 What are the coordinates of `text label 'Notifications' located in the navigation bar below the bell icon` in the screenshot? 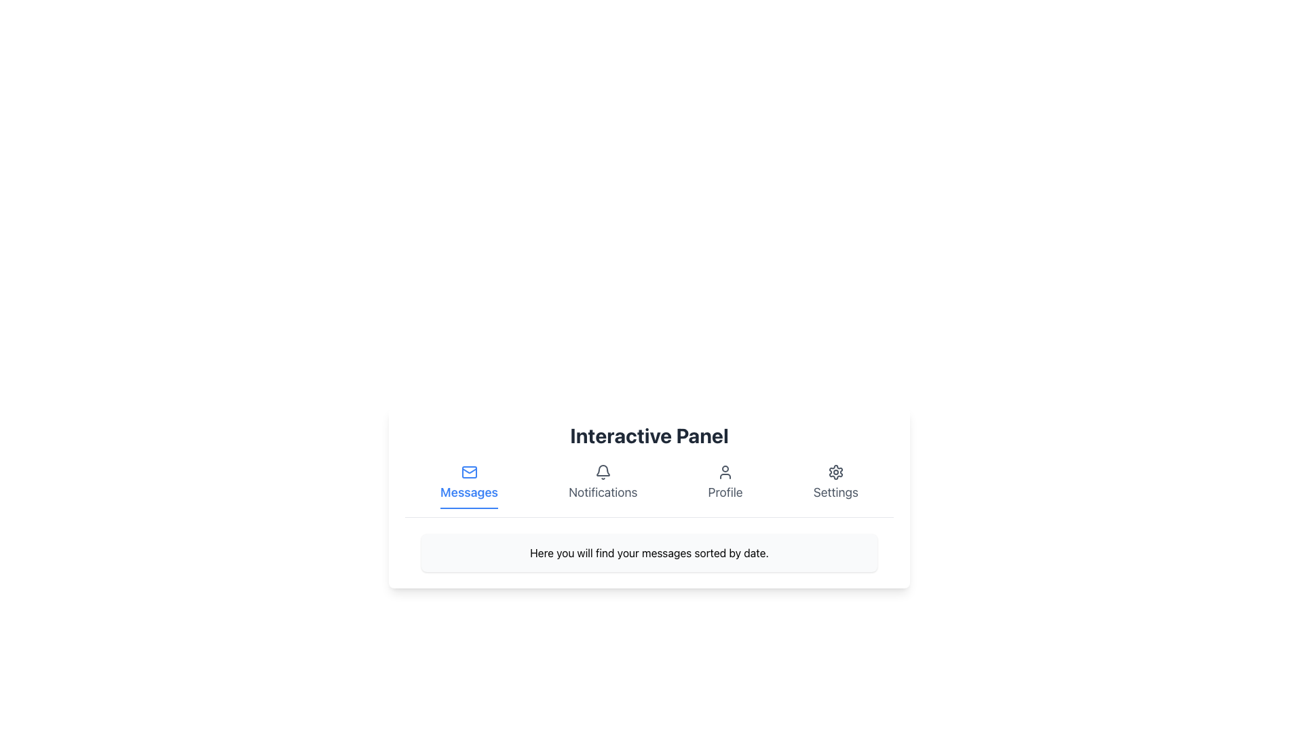 It's located at (602, 492).